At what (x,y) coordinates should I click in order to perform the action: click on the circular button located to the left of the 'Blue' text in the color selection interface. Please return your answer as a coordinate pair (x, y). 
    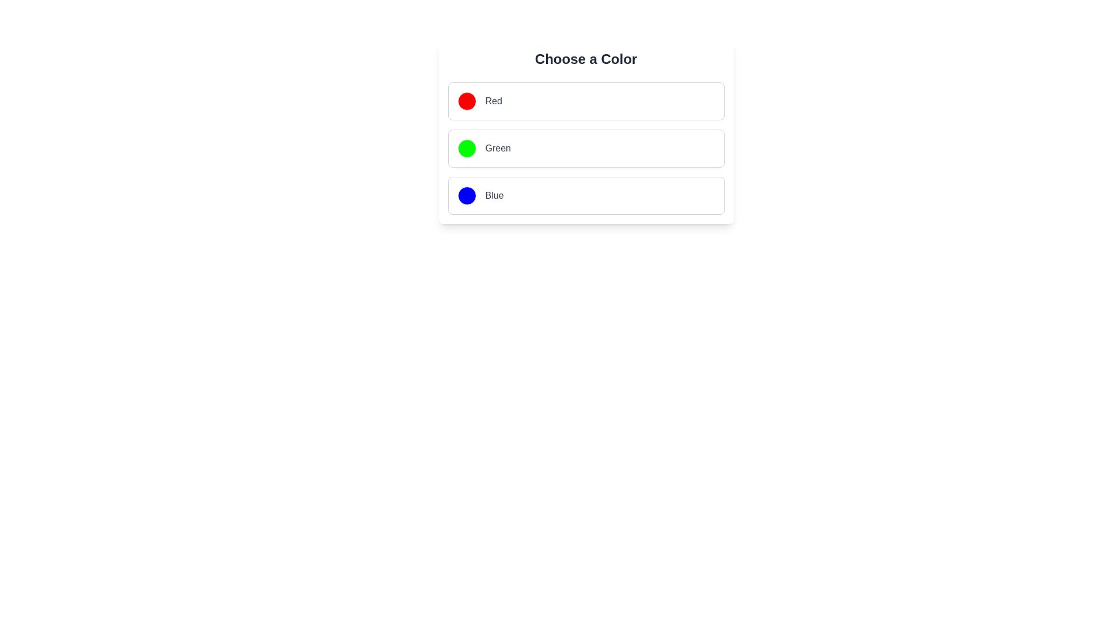
    Looking at the image, I should click on (467, 195).